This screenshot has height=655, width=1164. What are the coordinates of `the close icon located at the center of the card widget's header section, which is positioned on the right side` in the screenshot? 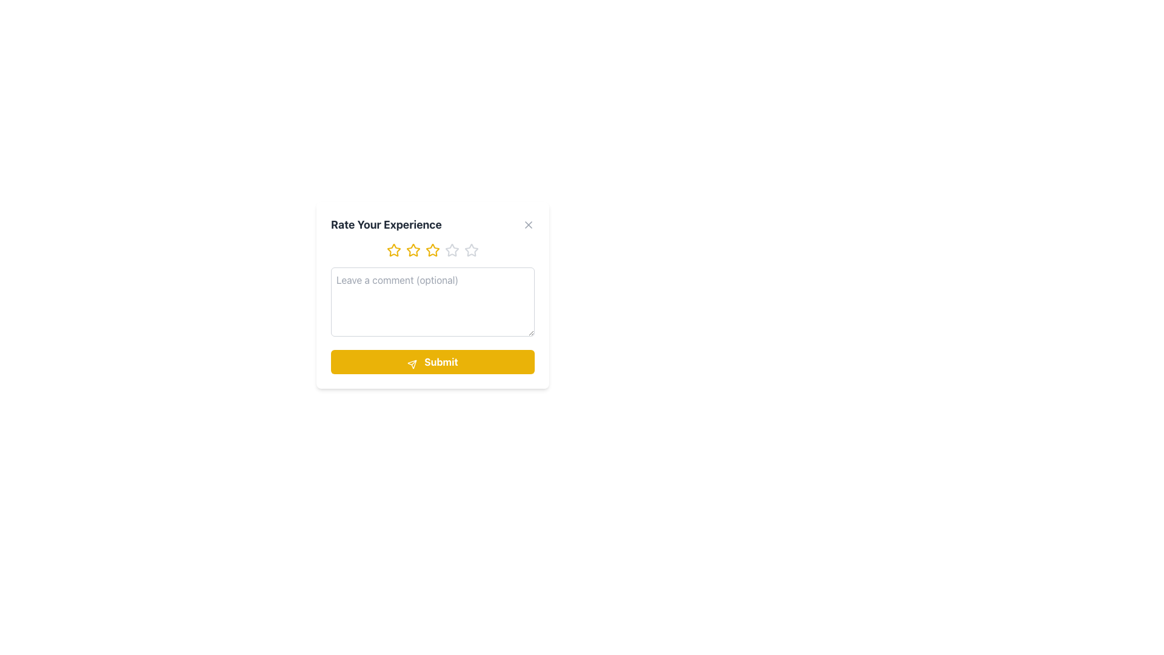 It's located at (529, 224).